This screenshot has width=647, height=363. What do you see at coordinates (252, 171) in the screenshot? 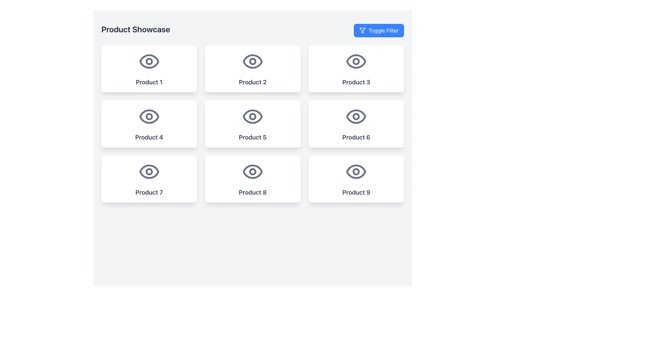
I see `the SVG circle element that represents the pupil of an eye icon located in the eighth grid item of the 3x3 product showcase layout` at bounding box center [252, 171].